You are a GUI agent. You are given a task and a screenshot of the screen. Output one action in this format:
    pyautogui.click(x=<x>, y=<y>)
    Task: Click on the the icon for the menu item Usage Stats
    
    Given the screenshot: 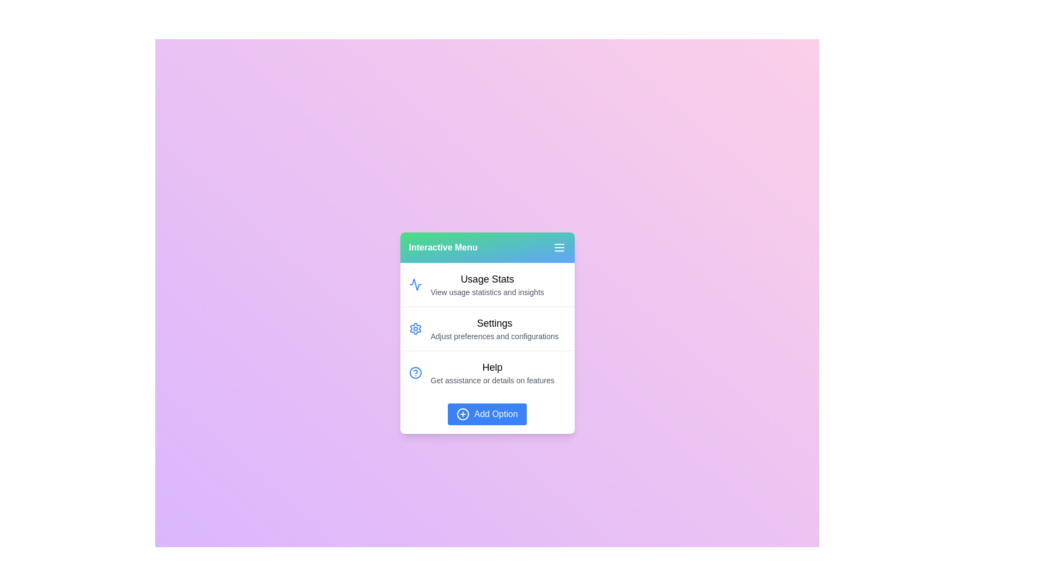 What is the action you would take?
    pyautogui.click(x=415, y=284)
    